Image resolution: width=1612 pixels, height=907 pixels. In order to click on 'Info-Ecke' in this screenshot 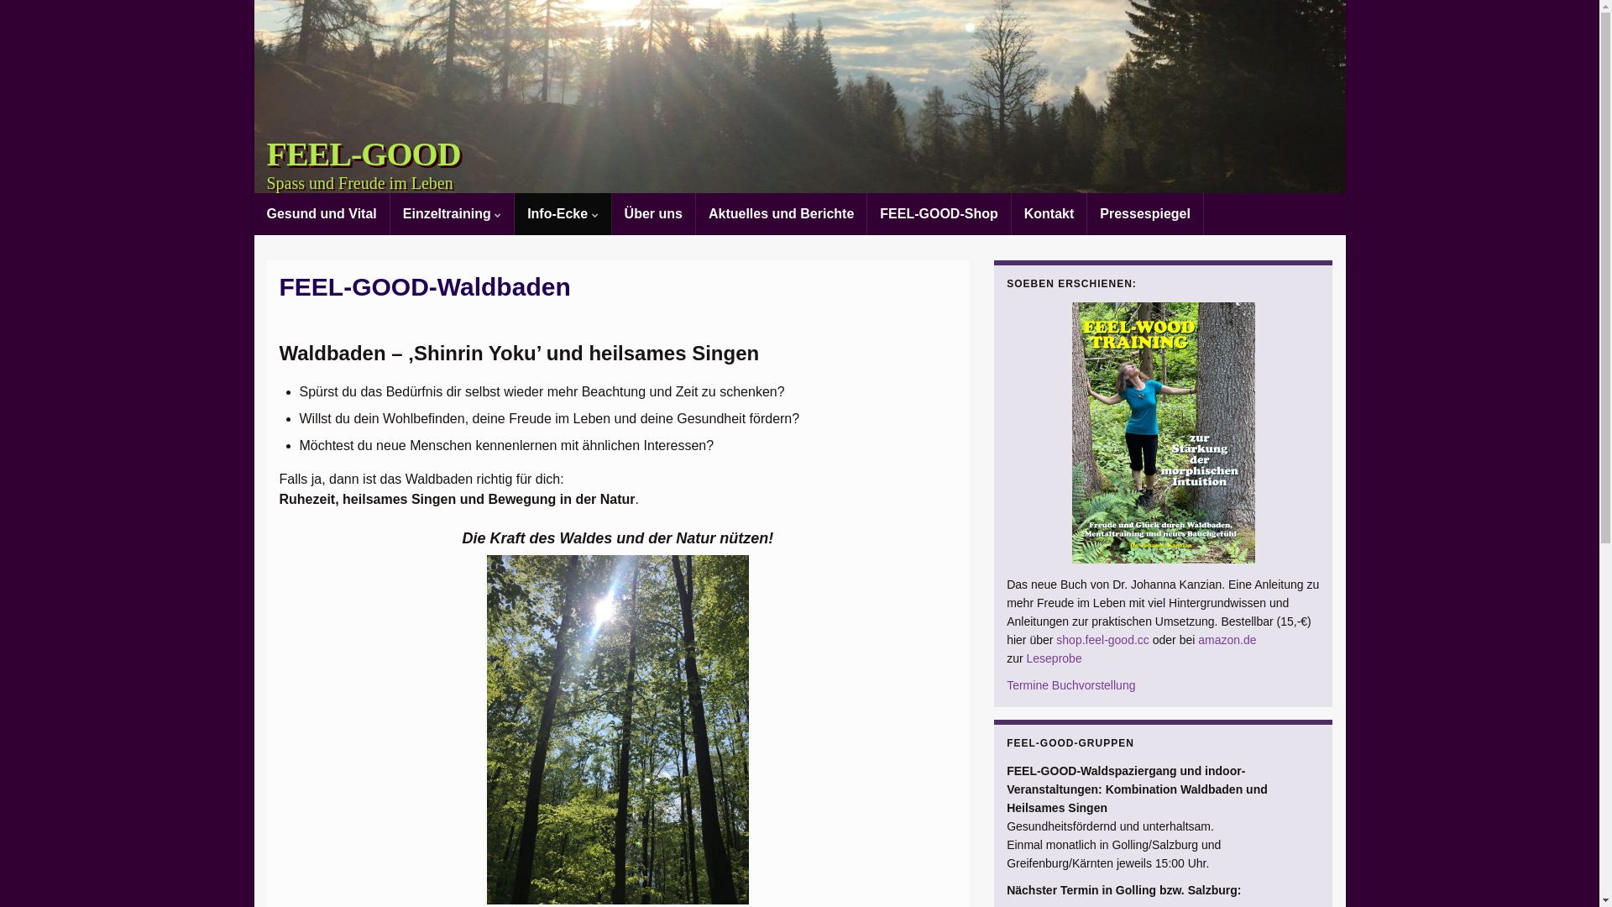, I will do `click(514, 212)`.